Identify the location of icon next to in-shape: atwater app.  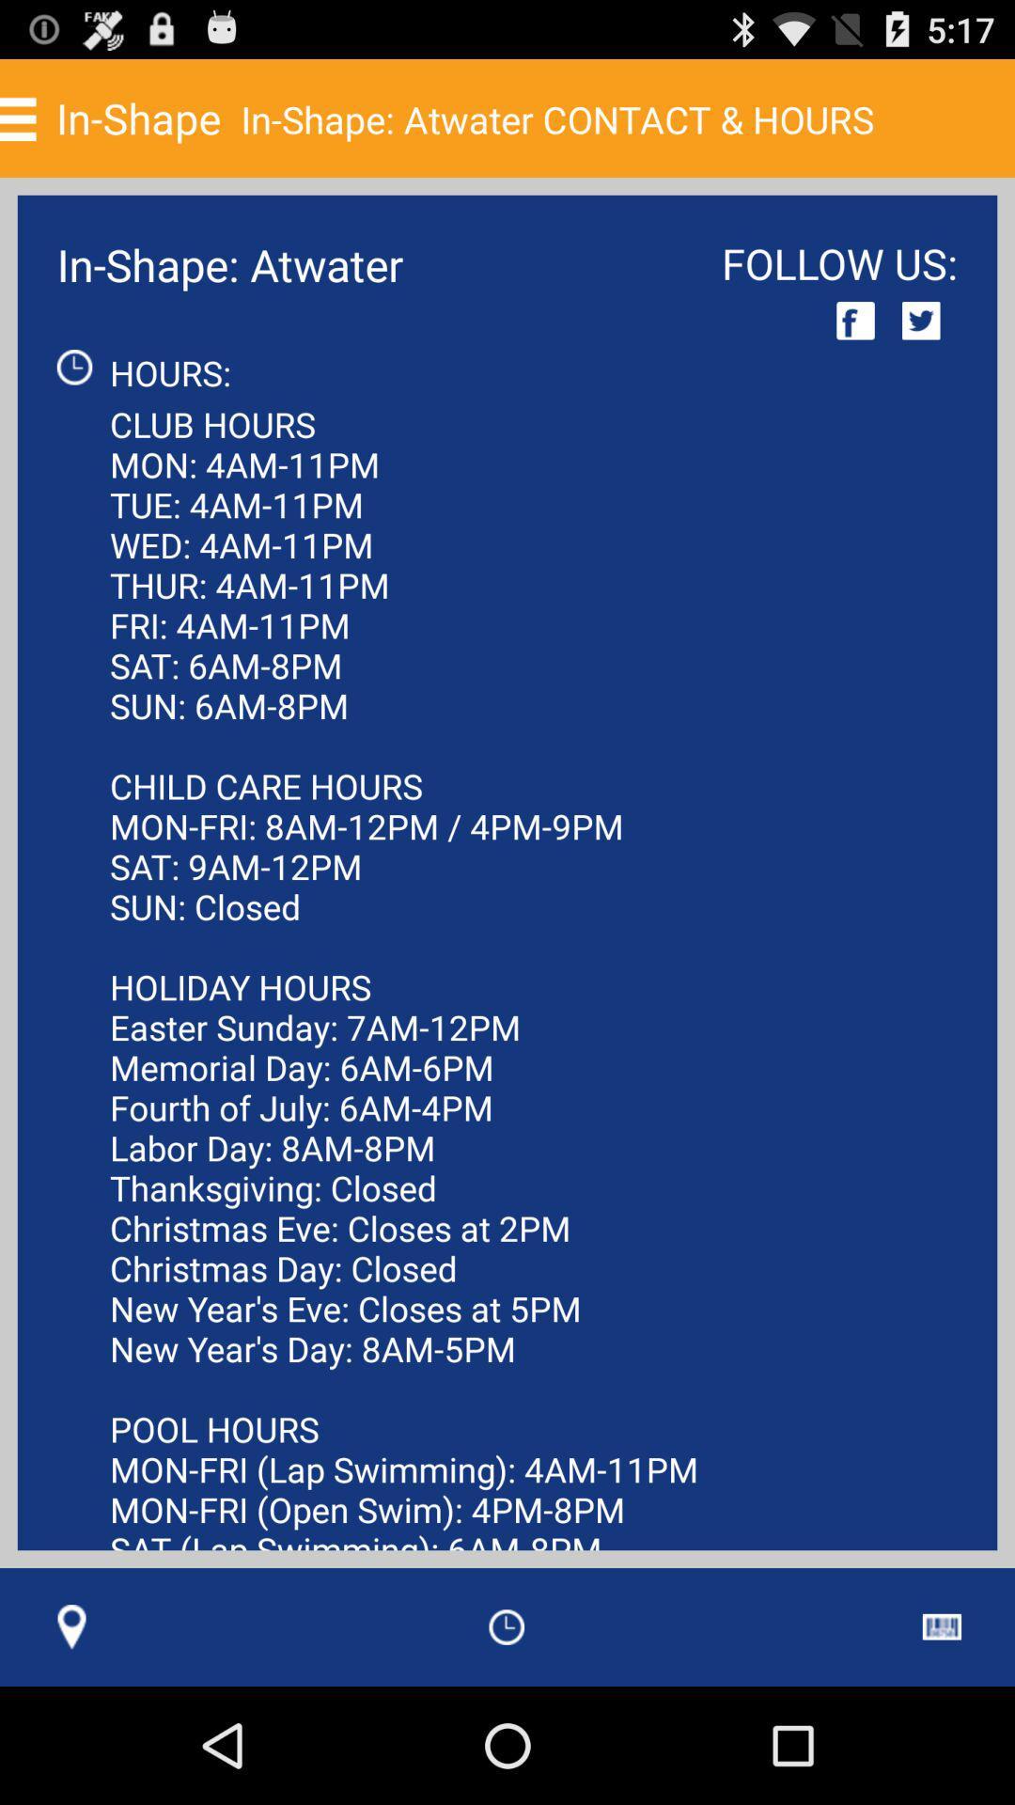
(855, 321).